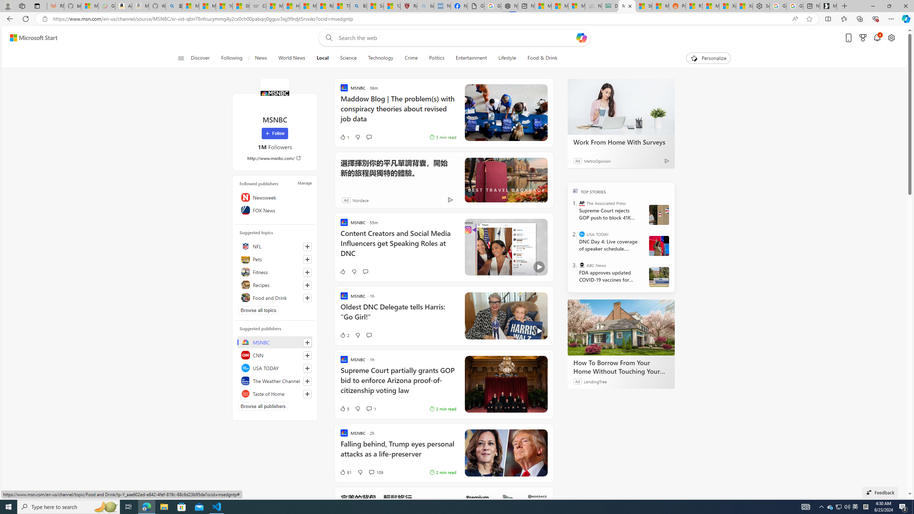 The height and width of the screenshot is (514, 914). What do you see at coordinates (621, 106) in the screenshot?
I see `'Work From Home With Surveys'` at bounding box center [621, 106].